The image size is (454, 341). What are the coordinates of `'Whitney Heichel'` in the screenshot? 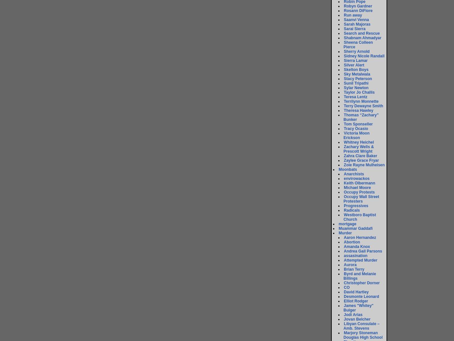 It's located at (343, 142).